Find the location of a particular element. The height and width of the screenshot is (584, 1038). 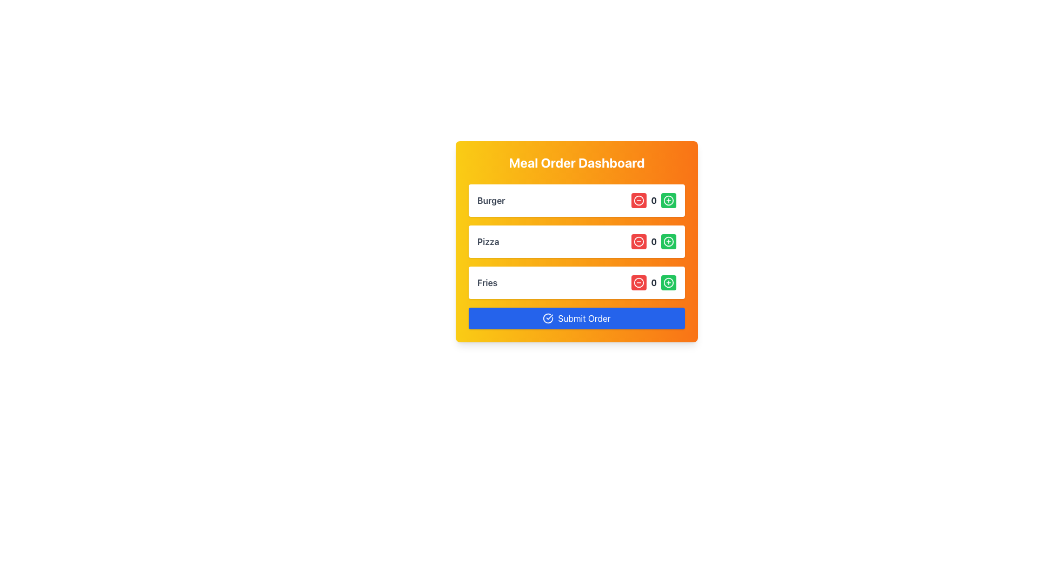

the bold text display showing '0' for the 'Pizza' item, which is located between the red decrement button and the green increment button in the second row is located at coordinates (653, 241).